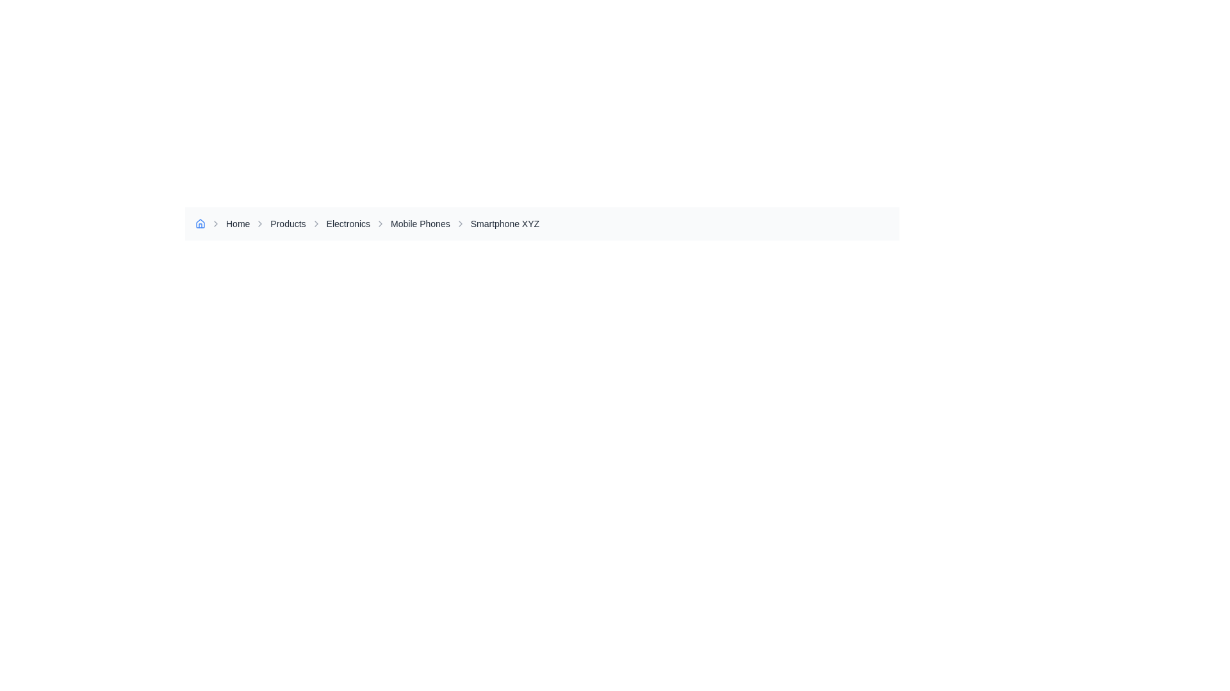 The width and height of the screenshot is (1230, 691). Describe the element at coordinates (215, 223) in the screenshot. I see `the visual indication of the Icon located to the left of the 'Home' text link in the breadcrumb navigation bar` at that location.